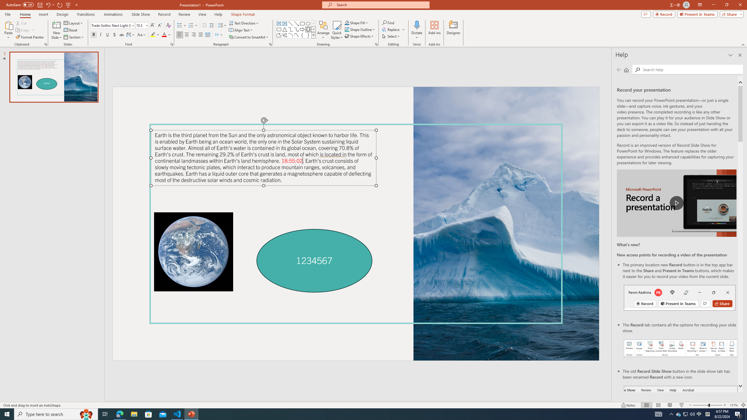 The width and height of the screenshot is (747, 420). Describe the element at coordinates (159, 25) in the screenshot. I see `'Decrease Font Size'` at that location.